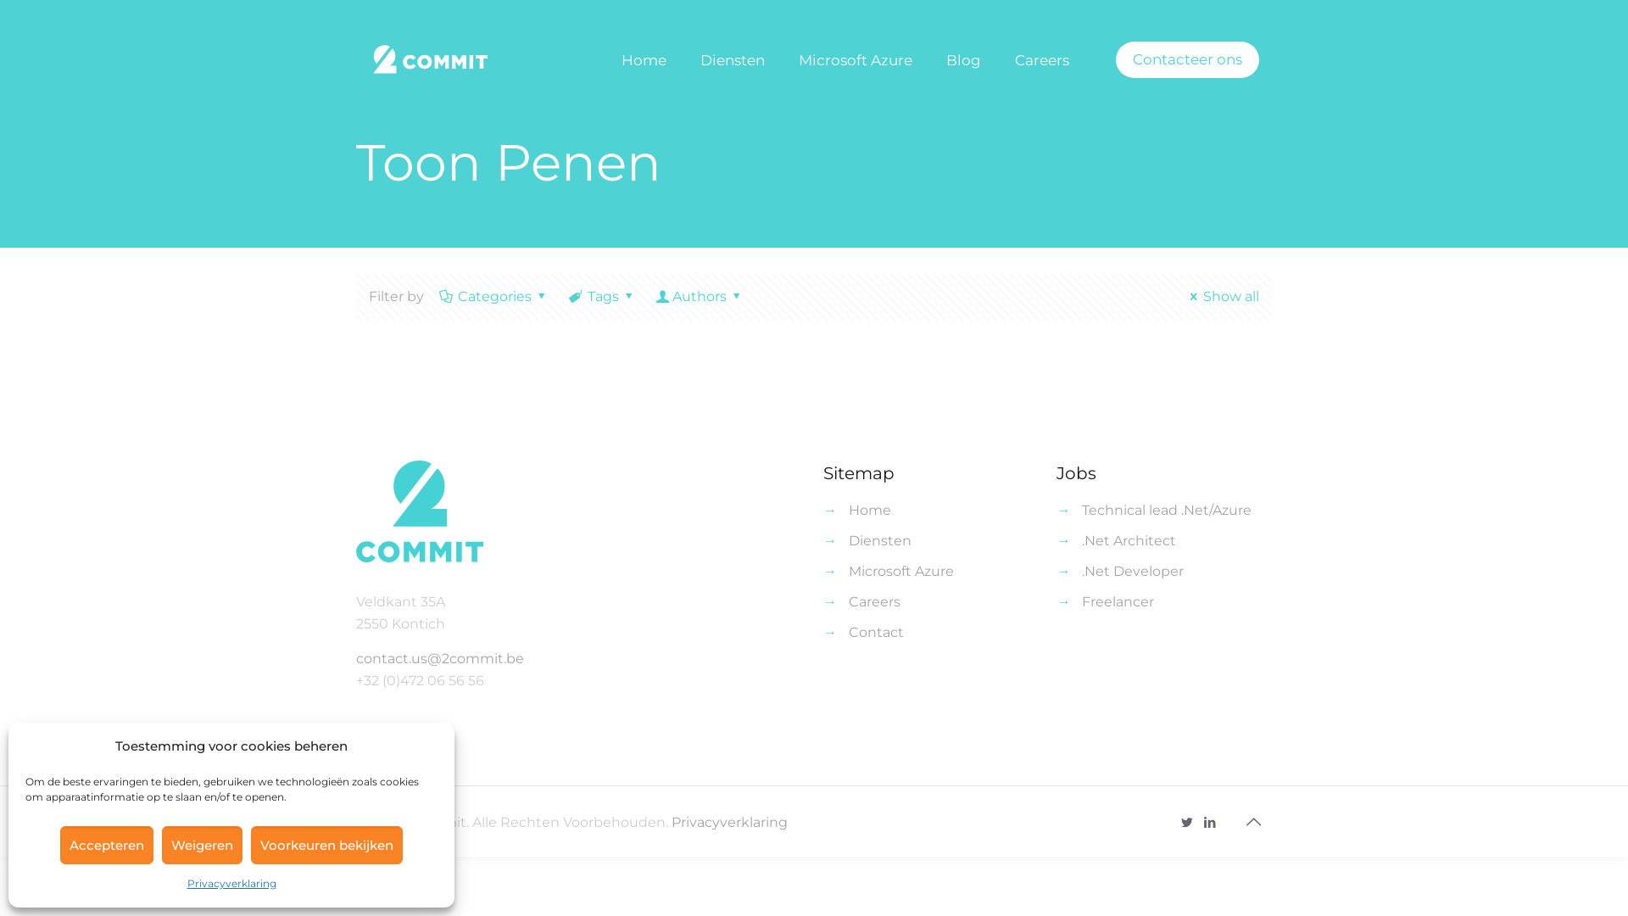 This screenshot has width=1628, height=916. What do you see at coordinates (326, 845) in the screenshot?
I see `'Voorkeuren bekijken'` at bounding box center [326, 845].